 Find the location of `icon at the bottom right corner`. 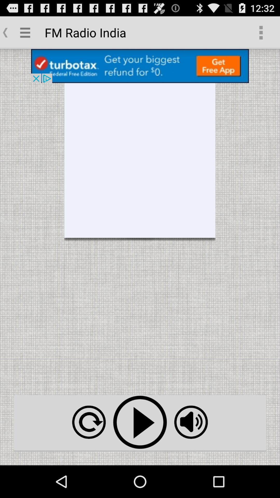

icon at the bottom right corner is located at coordinates (191, 422).